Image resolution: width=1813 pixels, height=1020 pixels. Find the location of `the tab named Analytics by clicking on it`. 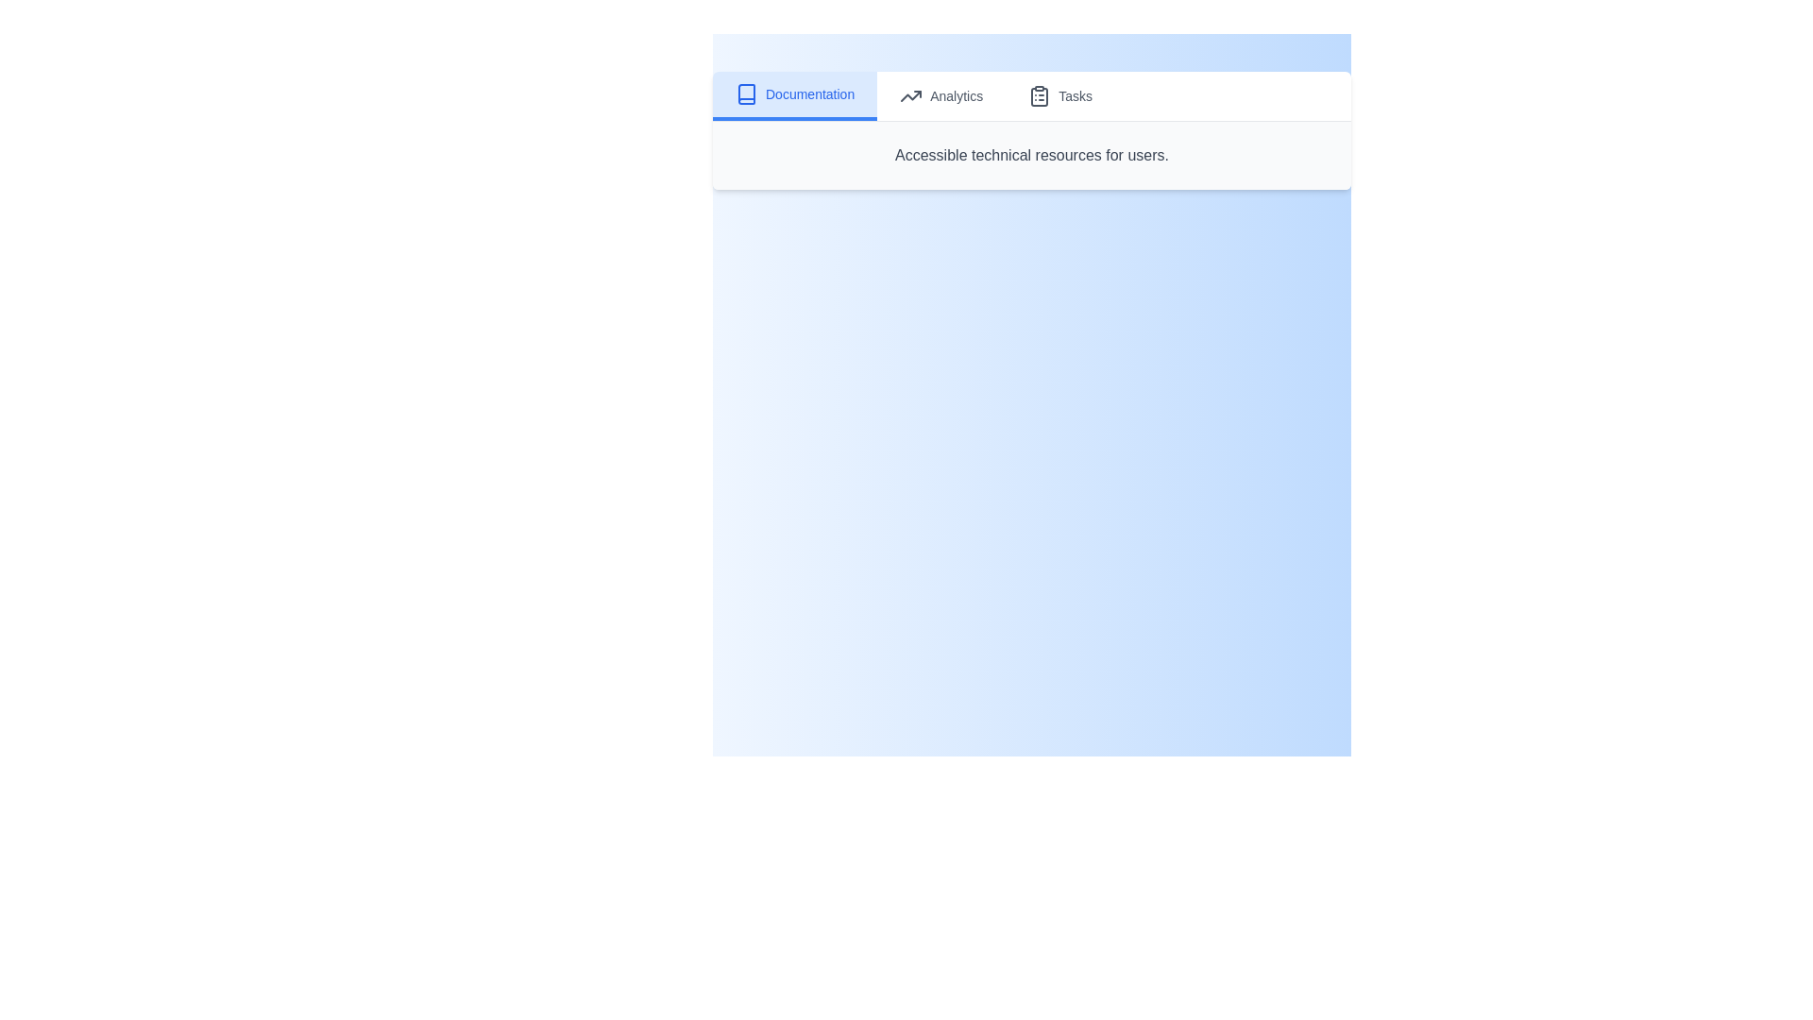

the tab named Analytics by clicking on it is located at coordinates (941, 95).